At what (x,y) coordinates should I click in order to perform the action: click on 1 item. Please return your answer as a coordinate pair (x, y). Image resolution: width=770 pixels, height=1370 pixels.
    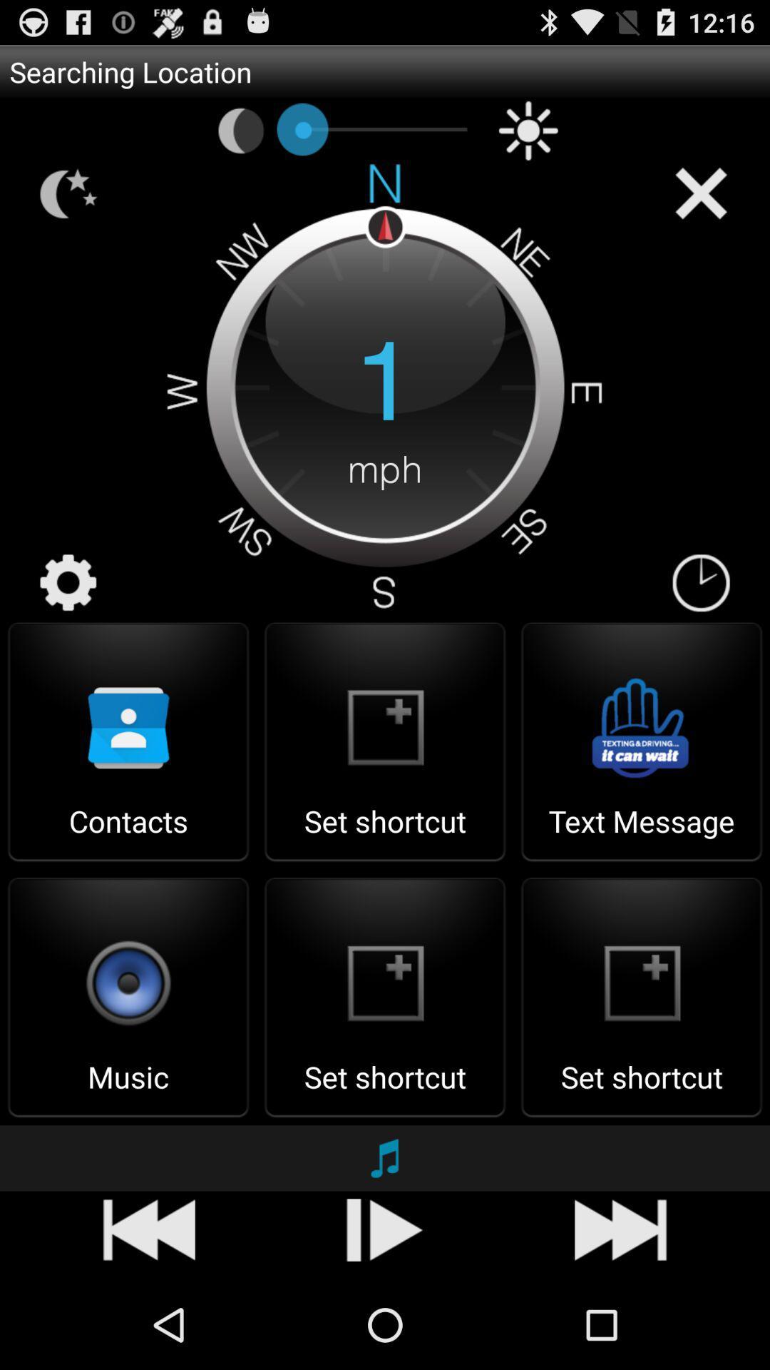
    Looking at the image, I should click on (385, 384).